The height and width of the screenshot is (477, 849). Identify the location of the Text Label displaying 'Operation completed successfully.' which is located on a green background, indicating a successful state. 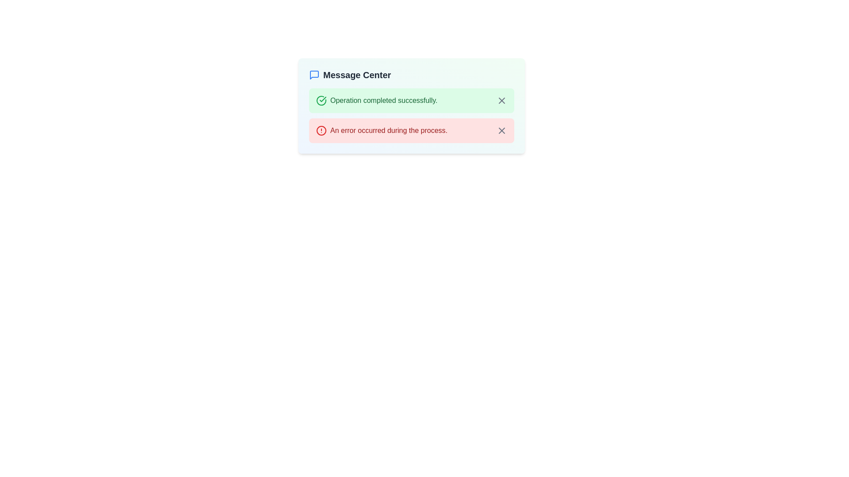
(384, 100).